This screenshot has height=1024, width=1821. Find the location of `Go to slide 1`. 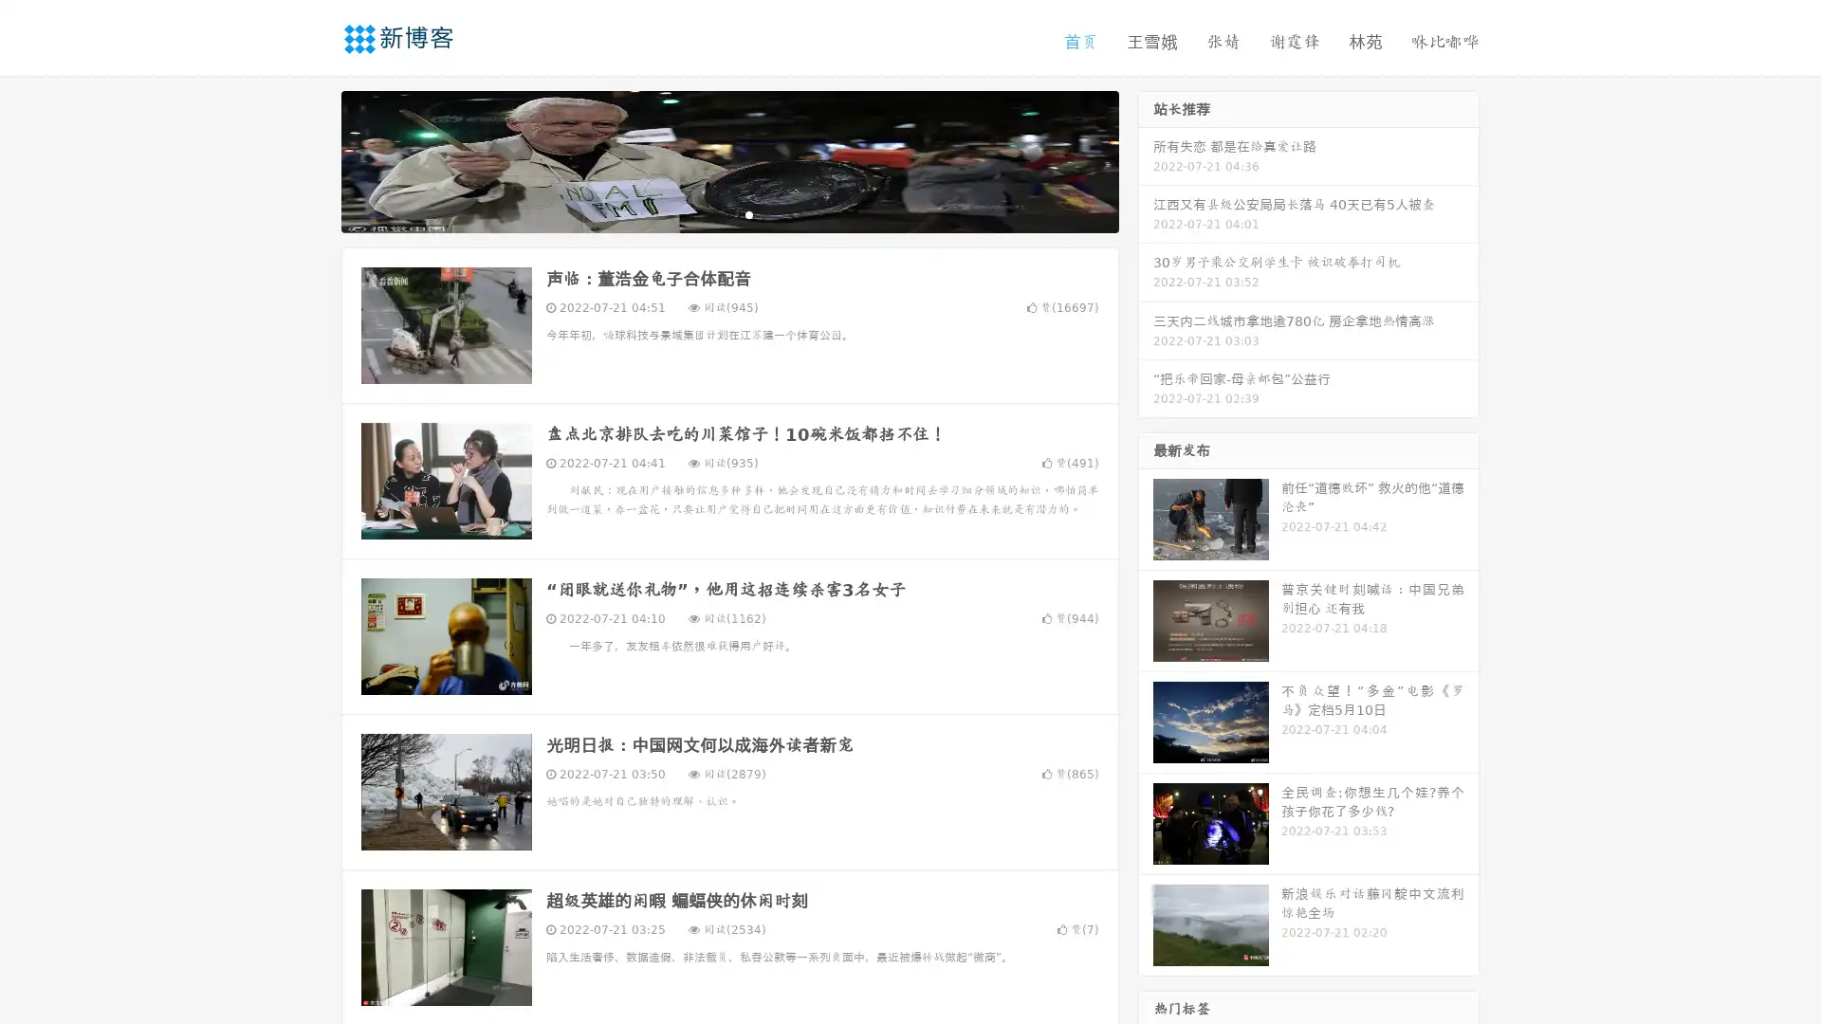

Go to slide 1 is located at coordinates (709, 213).